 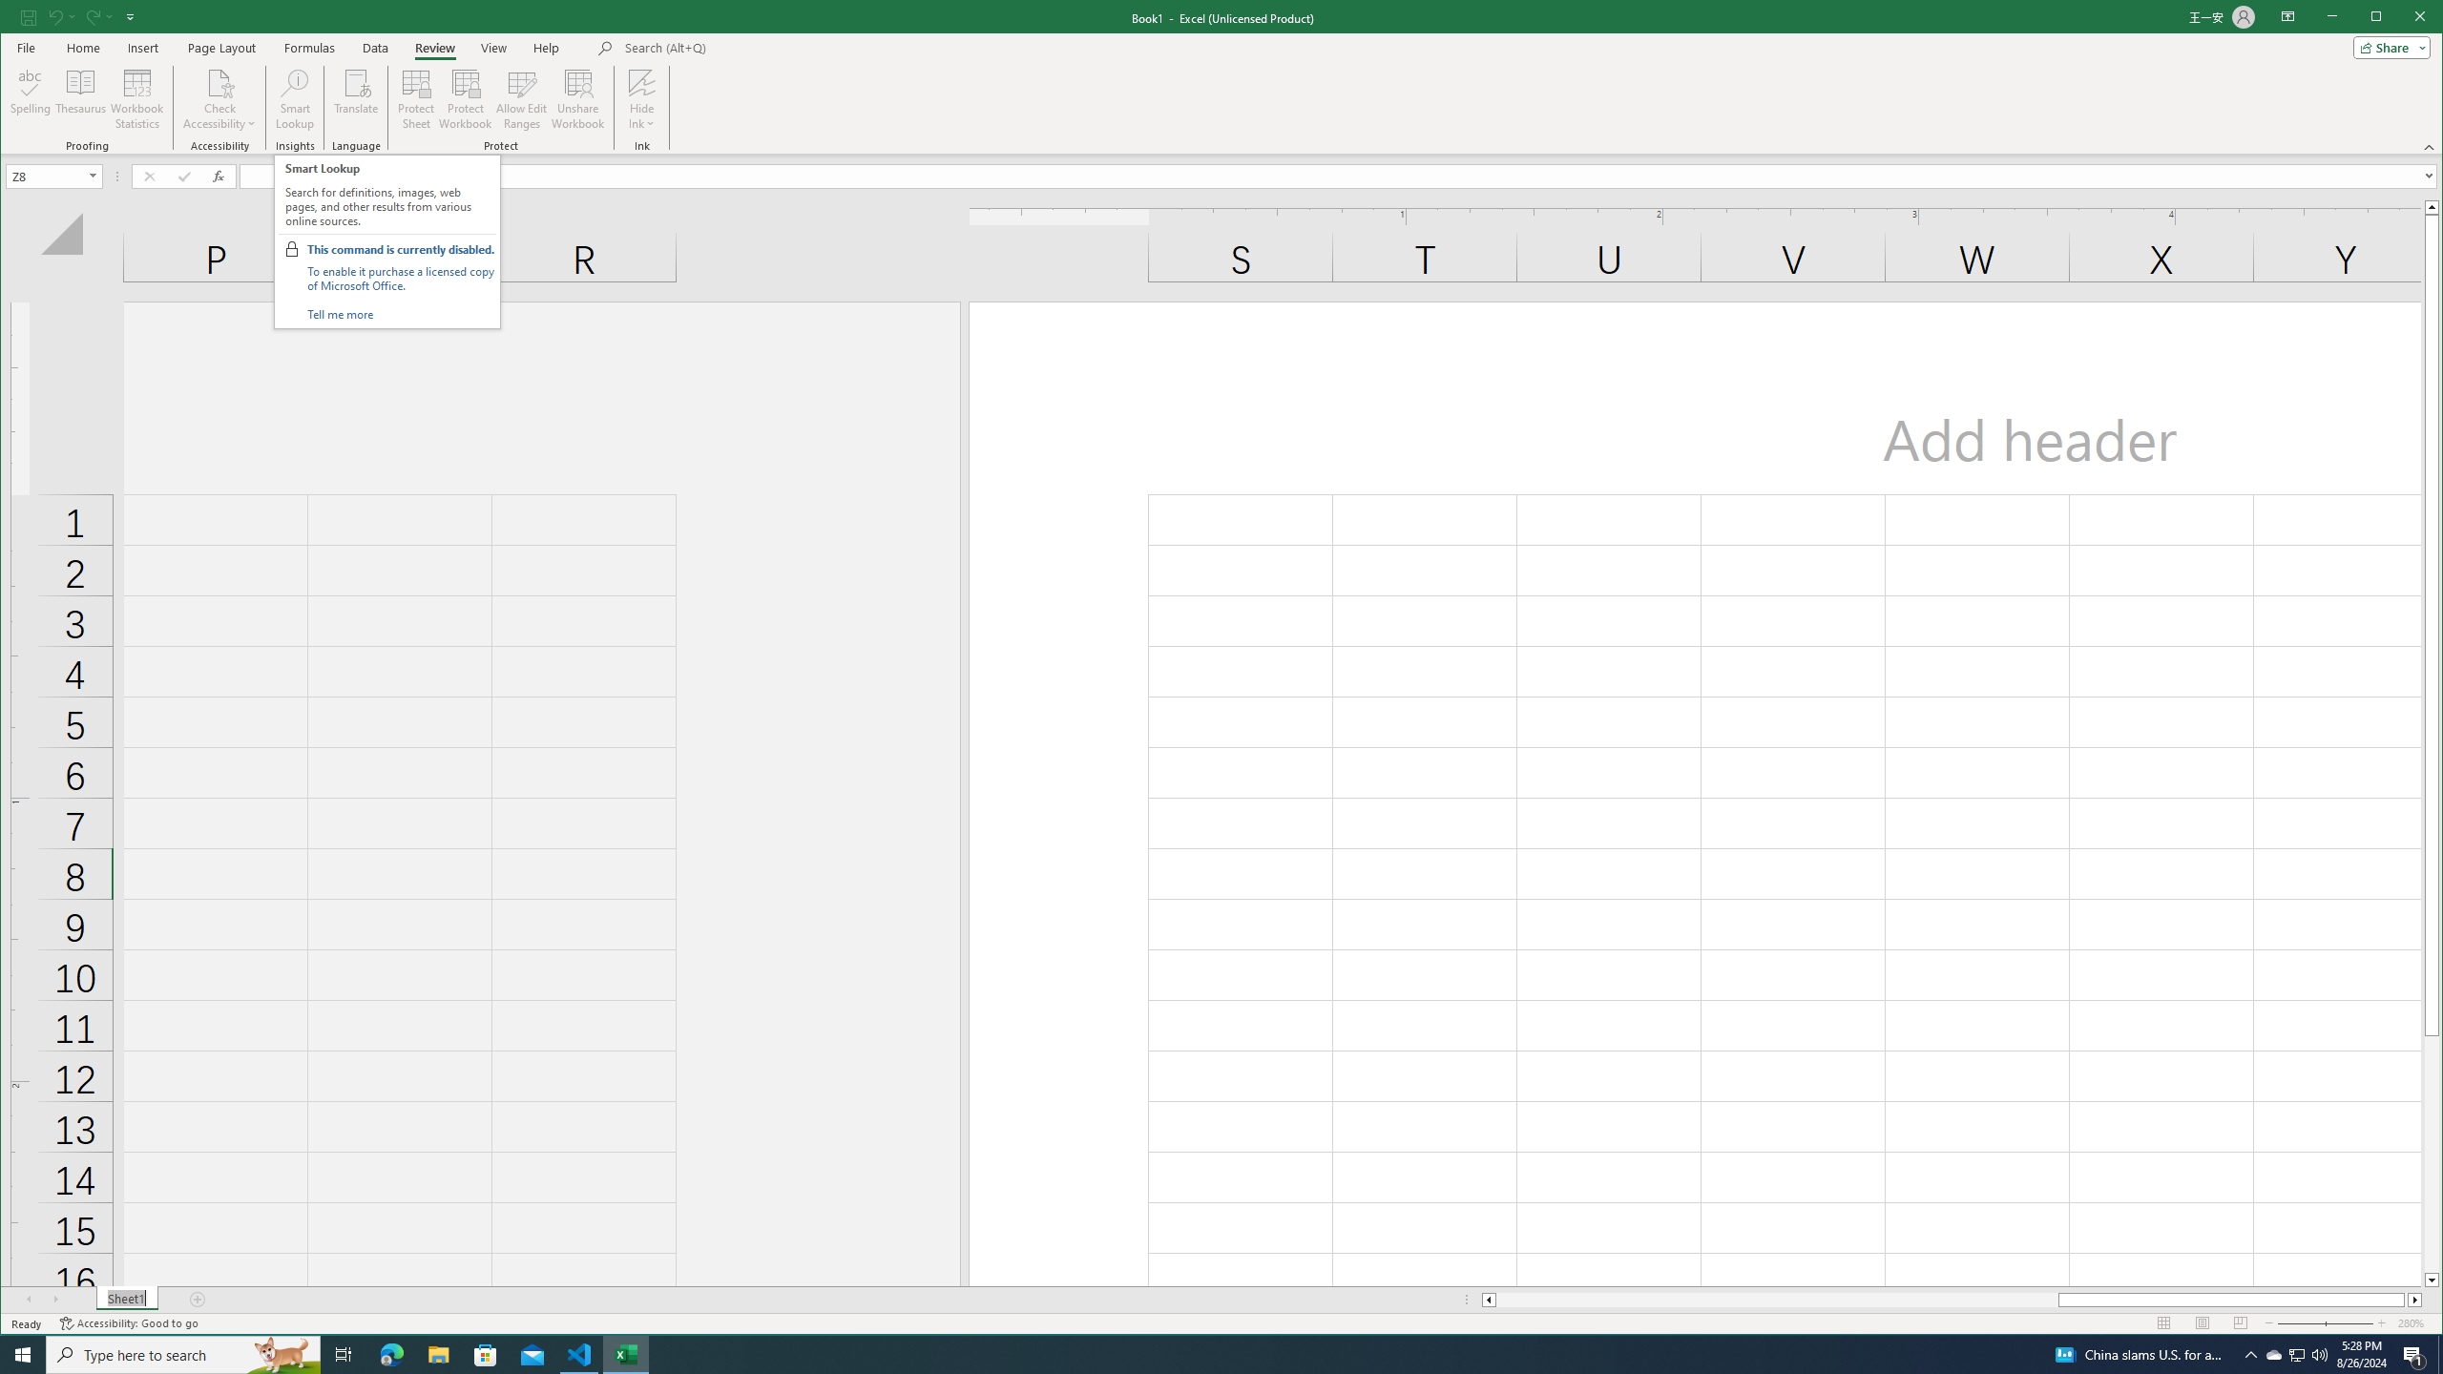 What do you see at coordinates (129, 15) in the screenshot?
I see `'Customize Quick Access Toolbar'` at bounding box center [129, 15].